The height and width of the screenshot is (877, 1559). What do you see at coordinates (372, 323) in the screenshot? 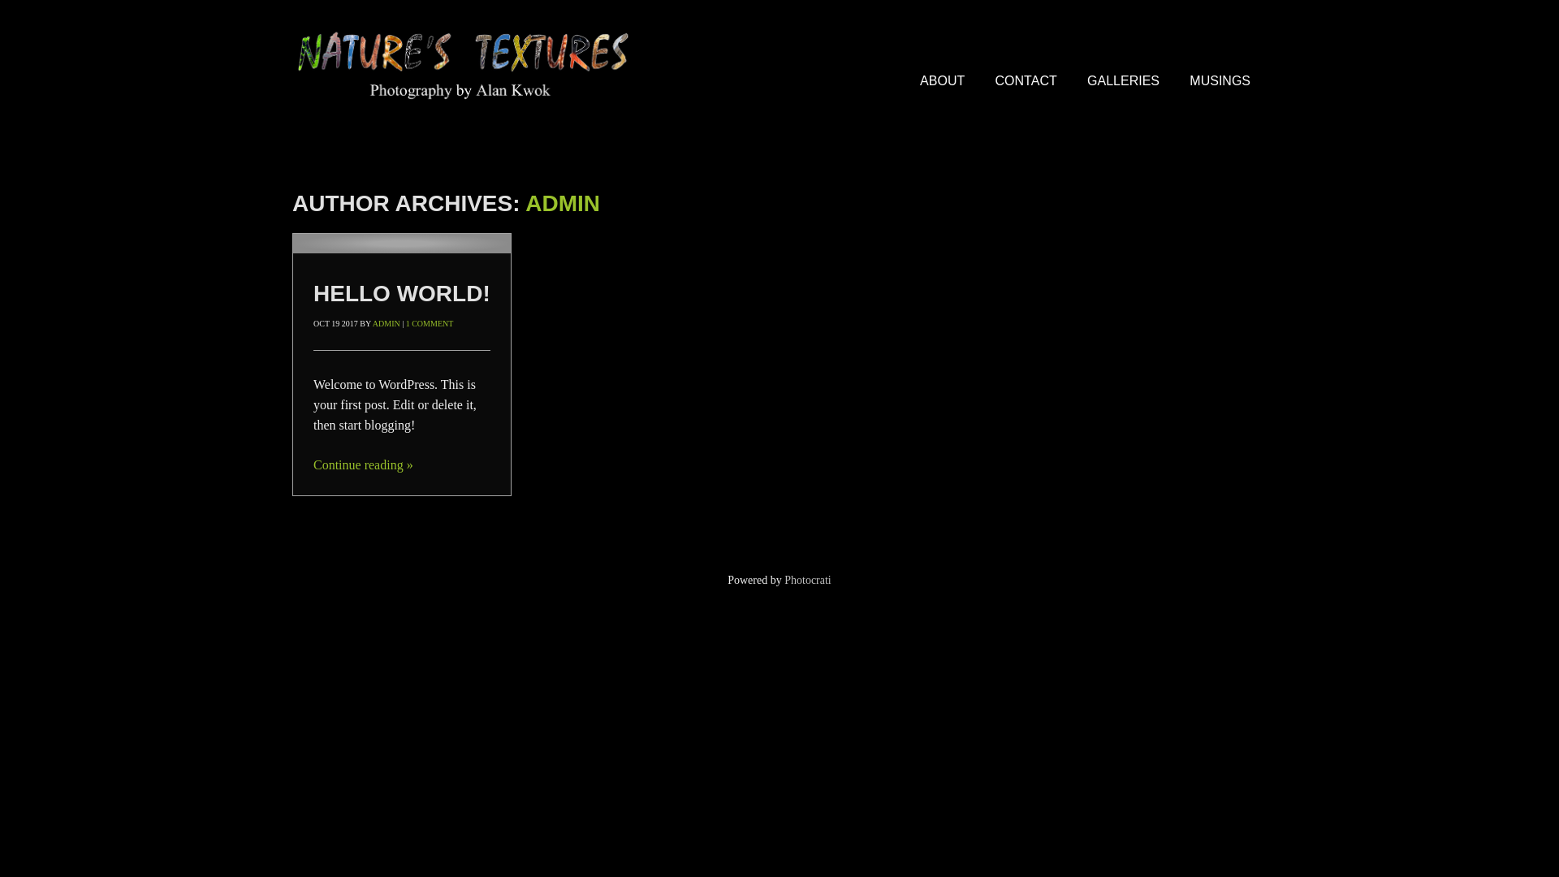
I see `'ADMIN'` at bounding box center [372, 323].